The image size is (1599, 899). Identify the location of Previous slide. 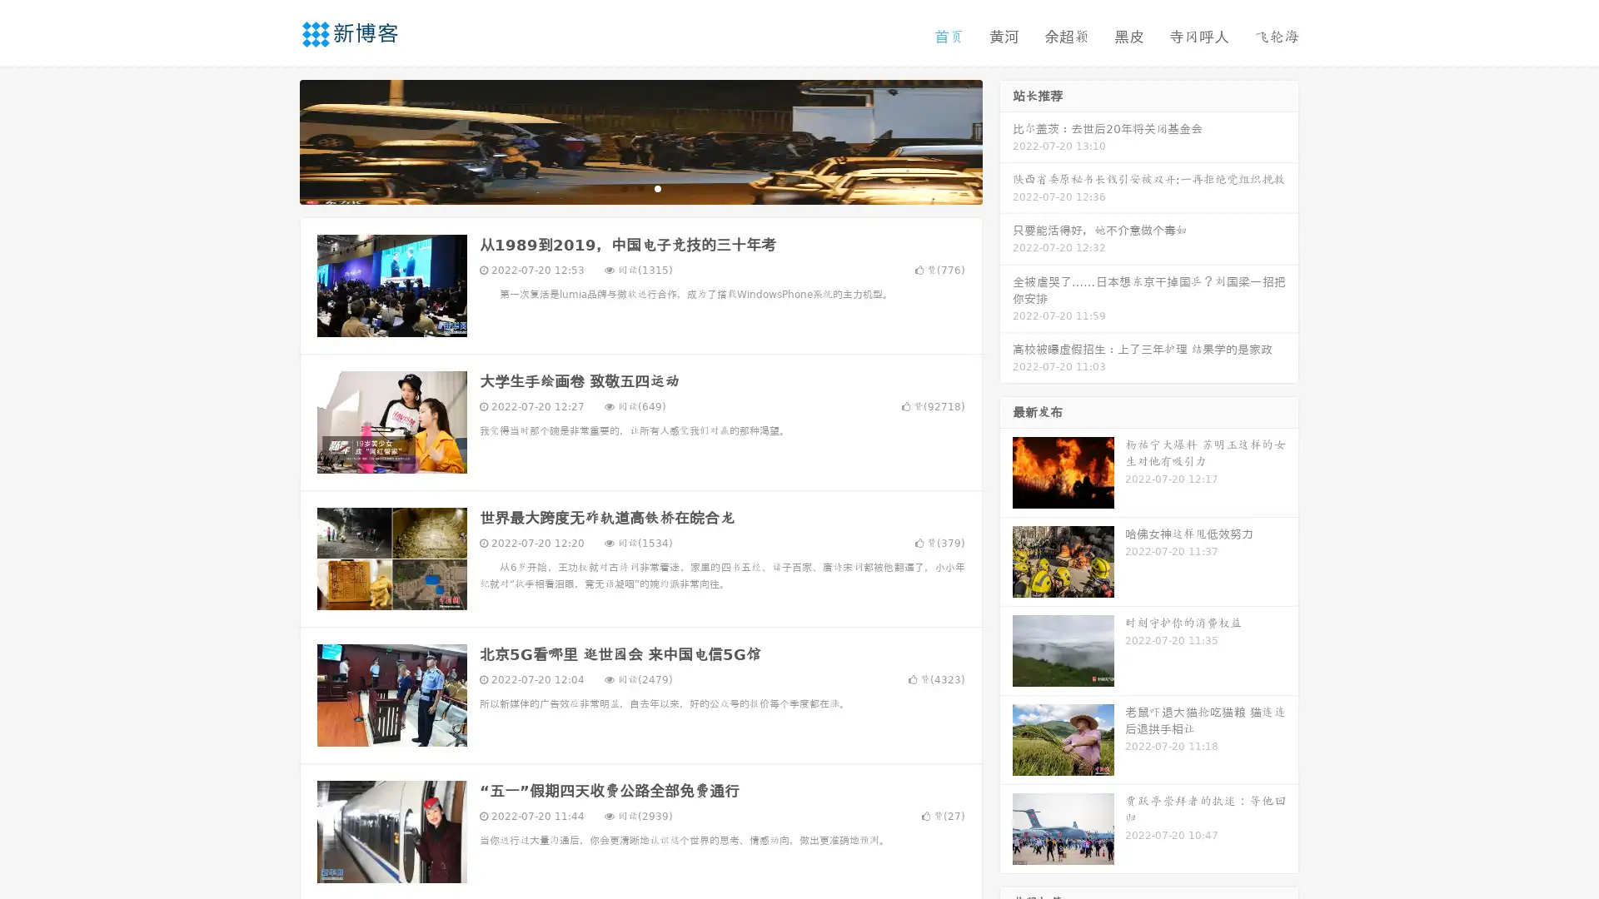
(275, 140).